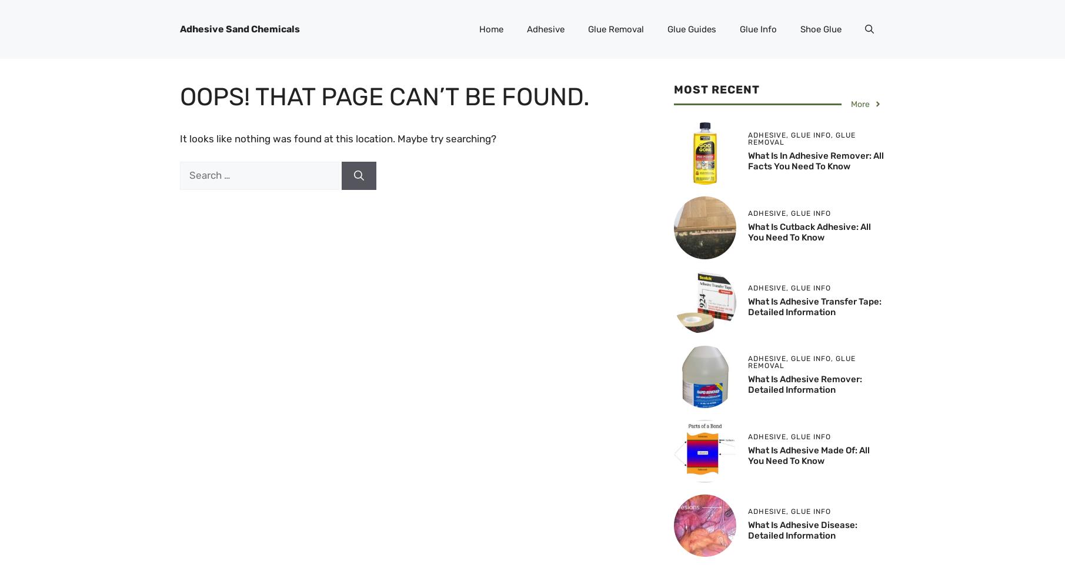 Image resolution: width=1065 pixels, height=588 pixels. Describe the element at coordinates (748, 530) in the screenshot. I see `'What Is Adhesive Disease: Detailed Information'` at that location.